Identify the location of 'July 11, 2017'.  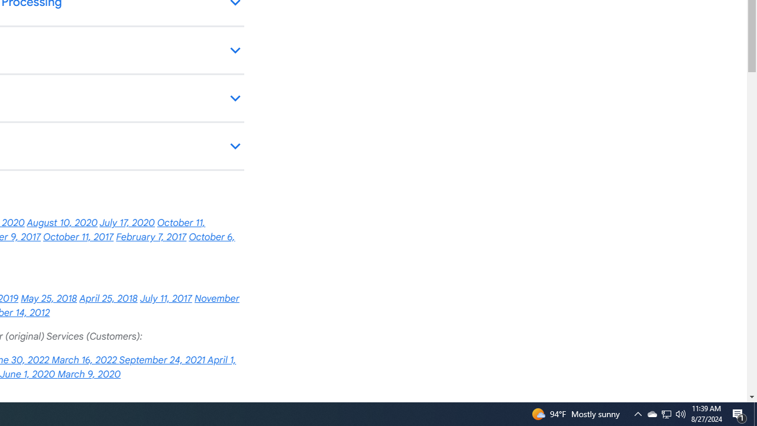
(165, 298).